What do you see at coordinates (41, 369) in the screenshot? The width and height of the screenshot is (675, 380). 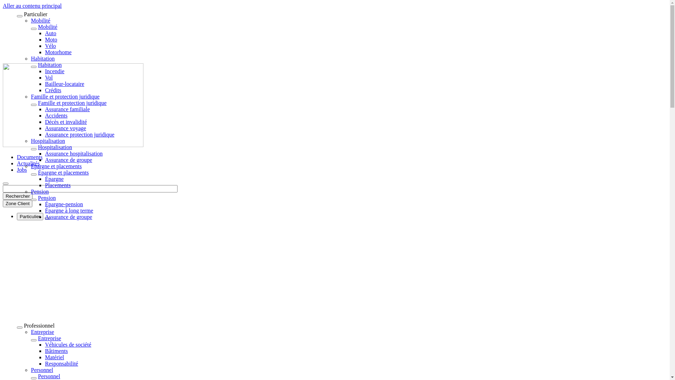 I see `'Personnel'` at bounding box center [41, 369].